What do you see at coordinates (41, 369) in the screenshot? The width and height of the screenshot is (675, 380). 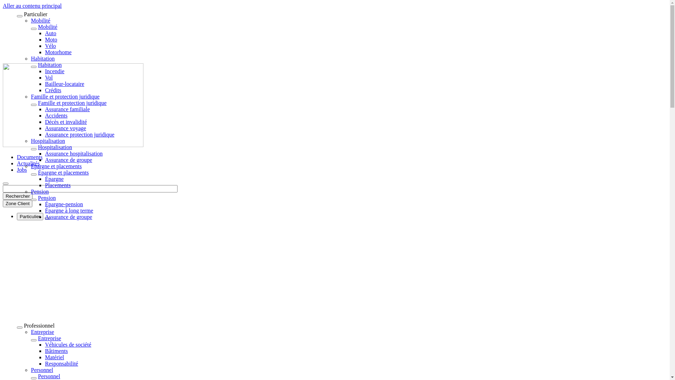 I see `'Personnel'` at bounding box center [41, 369].